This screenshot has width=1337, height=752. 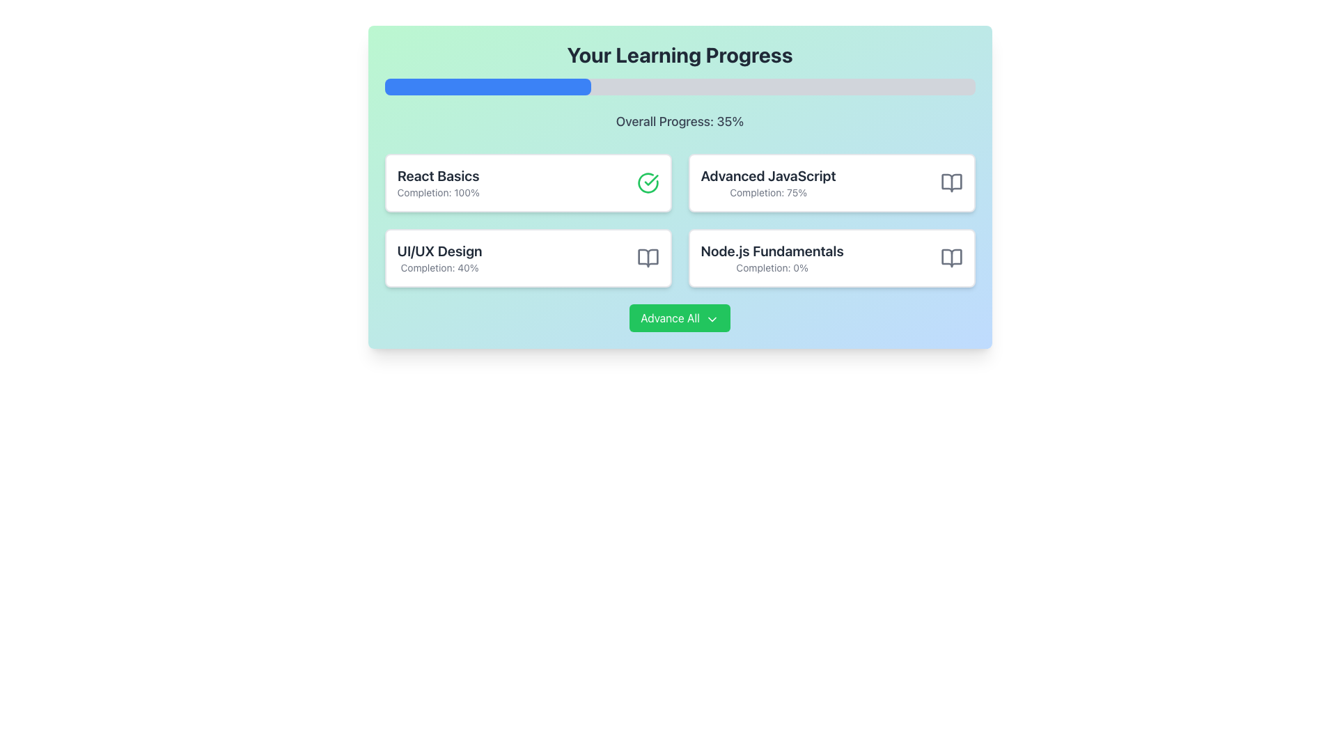 What do you see at coordinates (680, 120) in the screenshot?
I see `the informational text label that displays the total progress made by the user in courses, located centrally below the progress bar` at bounding box center [680, 120].